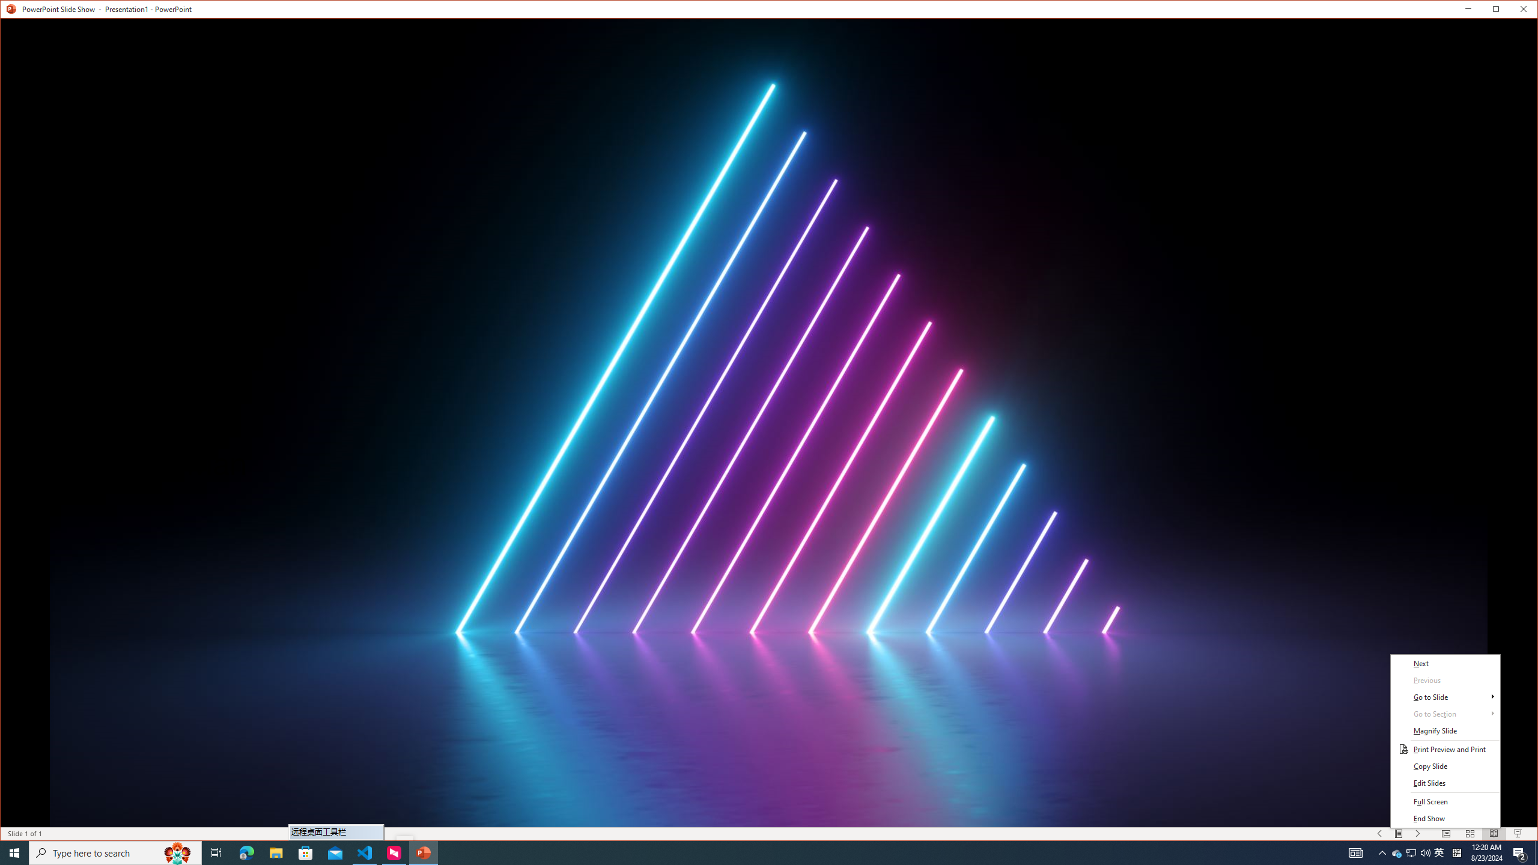  Describe the element at coordinates (115, 852) in the screenshot. I see `'Type here to search'` at that location.